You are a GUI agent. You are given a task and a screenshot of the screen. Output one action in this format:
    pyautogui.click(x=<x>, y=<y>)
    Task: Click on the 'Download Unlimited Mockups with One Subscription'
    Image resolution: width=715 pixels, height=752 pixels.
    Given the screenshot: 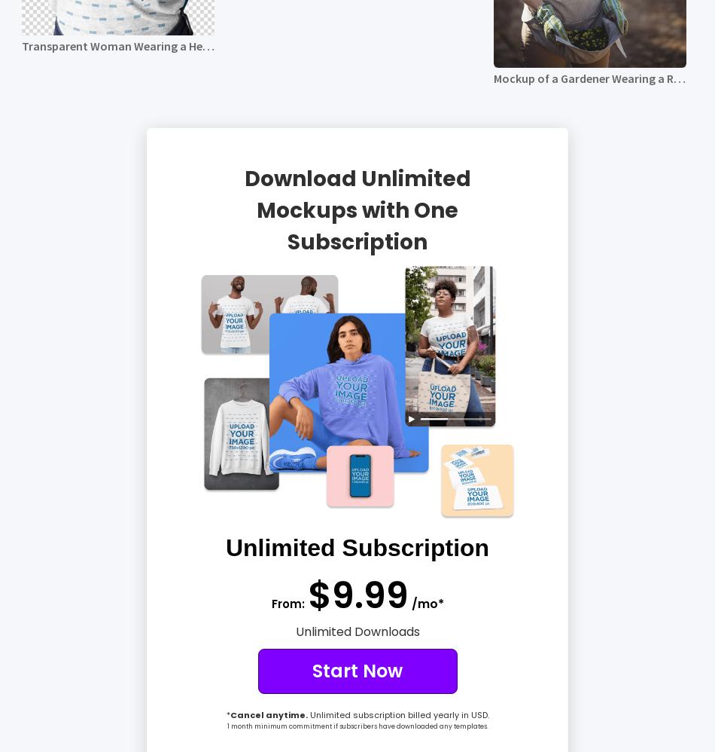 What is the action you would take?
    pyautogui.click(x=356, y=209)
    